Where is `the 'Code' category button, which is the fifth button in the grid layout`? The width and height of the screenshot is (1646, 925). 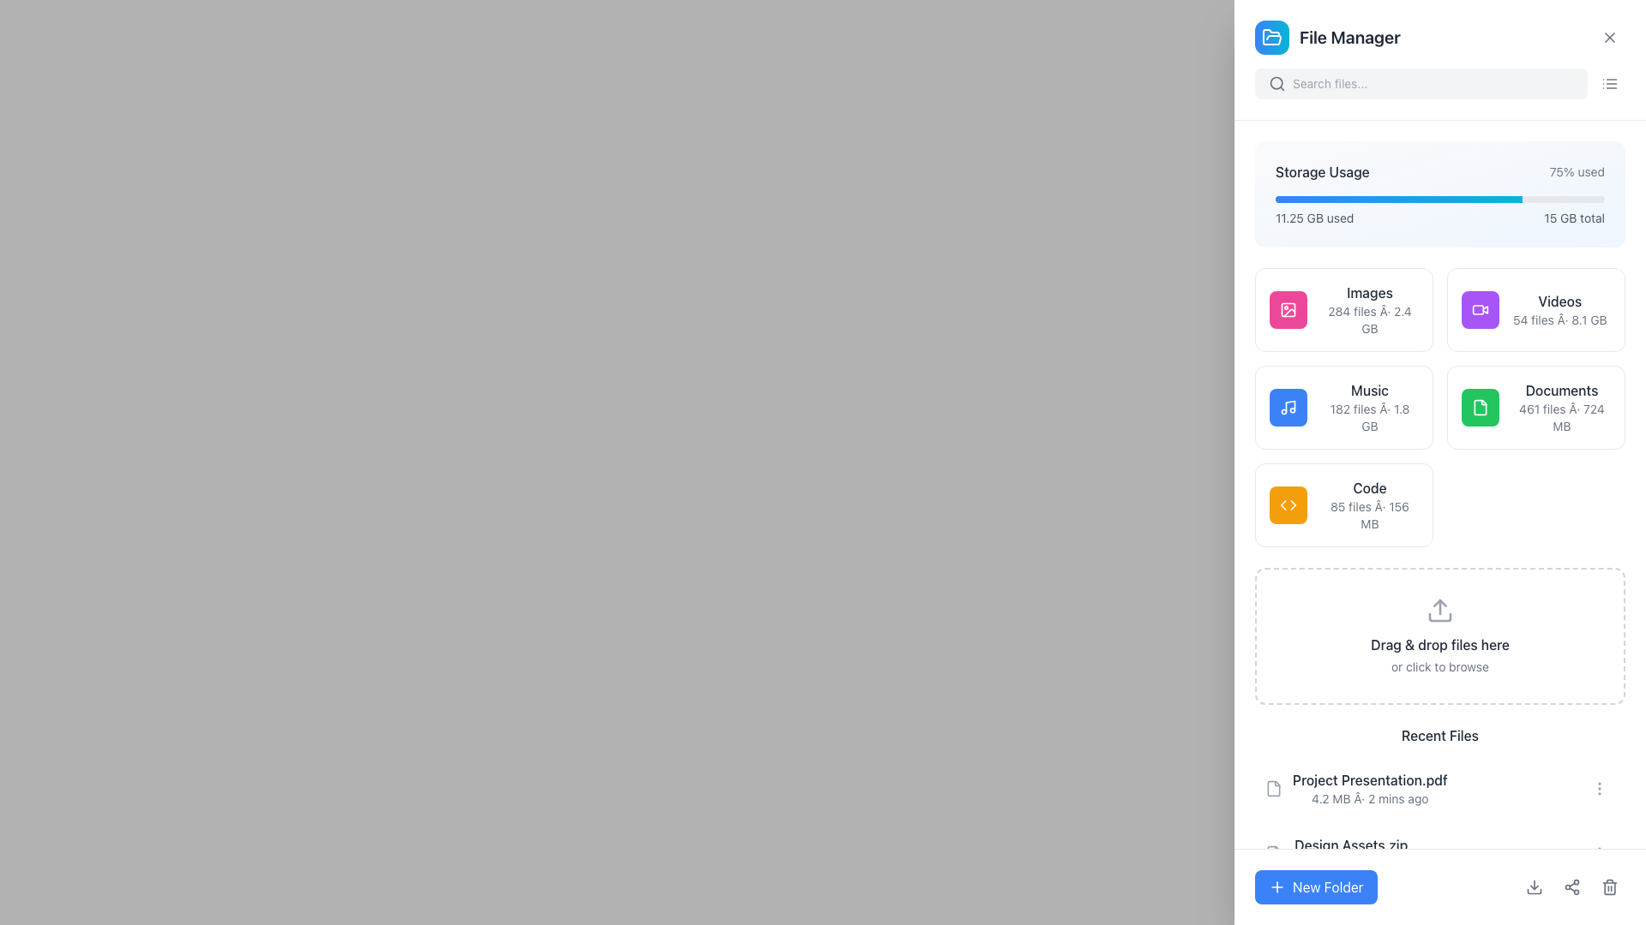 the 'Code' category button, which is the fifth button in the grid layout is located at coordinates (1343, 504).